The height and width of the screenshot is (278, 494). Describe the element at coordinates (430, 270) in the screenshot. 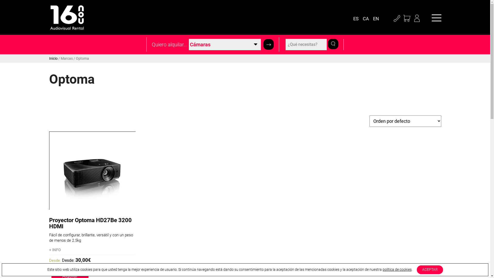

I see `'ACEPTAR'` at that location.